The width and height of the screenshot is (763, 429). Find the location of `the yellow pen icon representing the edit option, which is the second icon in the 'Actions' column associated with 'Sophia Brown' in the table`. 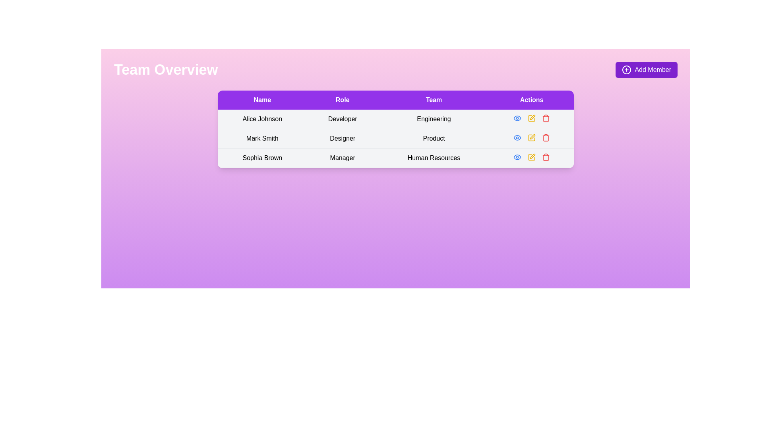

the yellow pen icon representing the edit option, which is the second icon in the 'Actions' column associated with 'Sophia Brown' in the table is located at coordinates (533, 156).